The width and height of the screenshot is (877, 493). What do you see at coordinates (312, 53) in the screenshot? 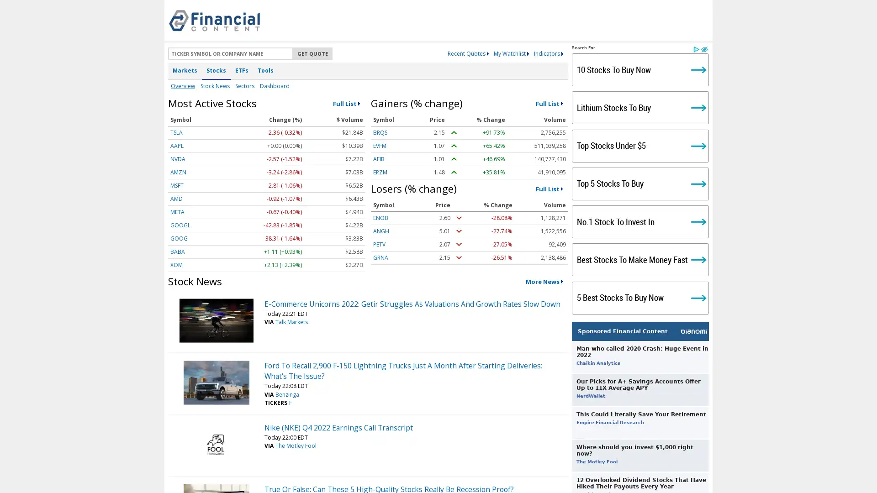
I see `Get Quote` at bounding box center [312, 53].